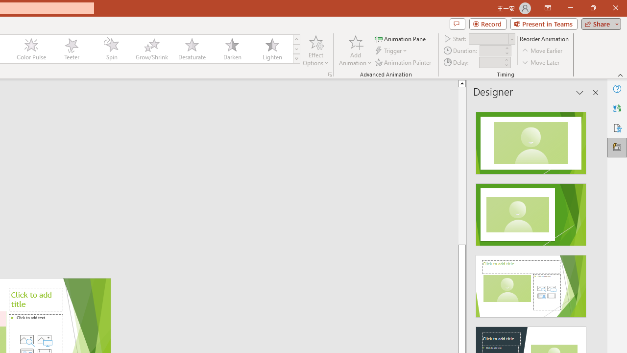 The image size is (627, 353). I want to click on 'Stock Images', so click(26, 339).